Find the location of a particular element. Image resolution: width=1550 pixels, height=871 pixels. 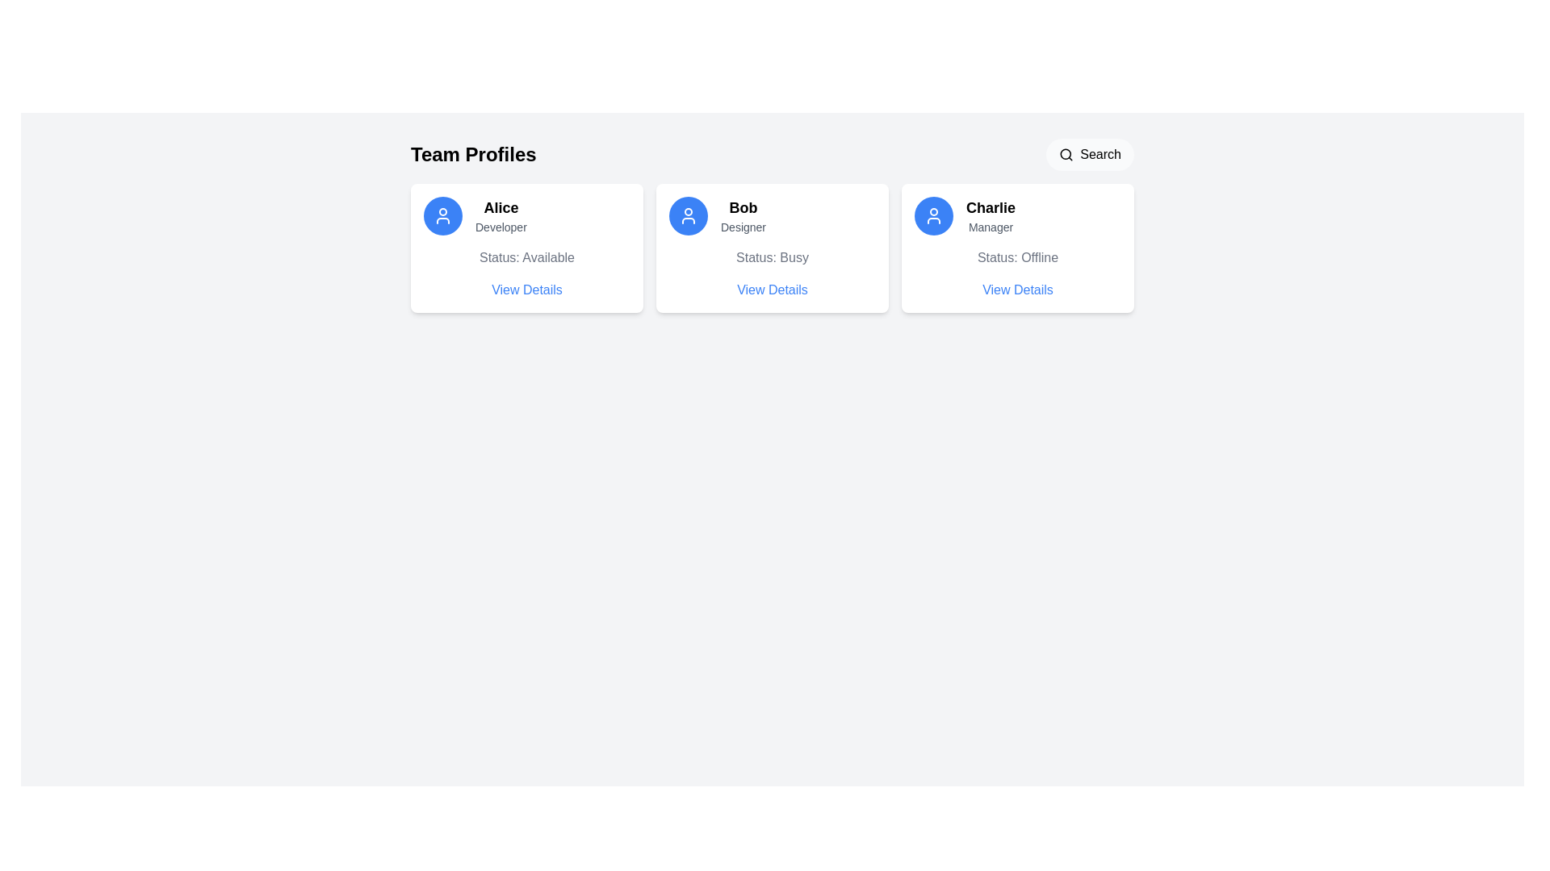

the user silhouette icon with a blue background and white strokes, which is part of the card labeled 'Bob' in the second column of user profile cards is located at coordinates (689, 215).